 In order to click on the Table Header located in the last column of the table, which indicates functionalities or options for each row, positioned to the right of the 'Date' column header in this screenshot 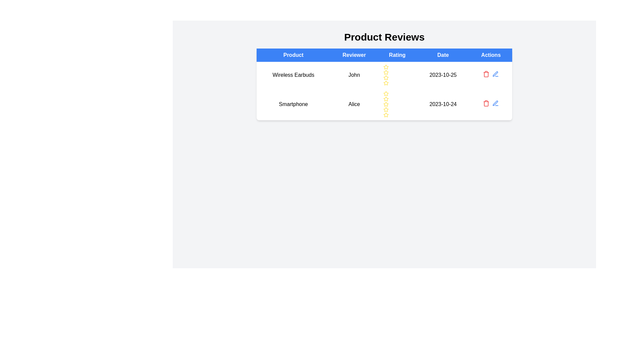, I will do `click(491, 55)`.